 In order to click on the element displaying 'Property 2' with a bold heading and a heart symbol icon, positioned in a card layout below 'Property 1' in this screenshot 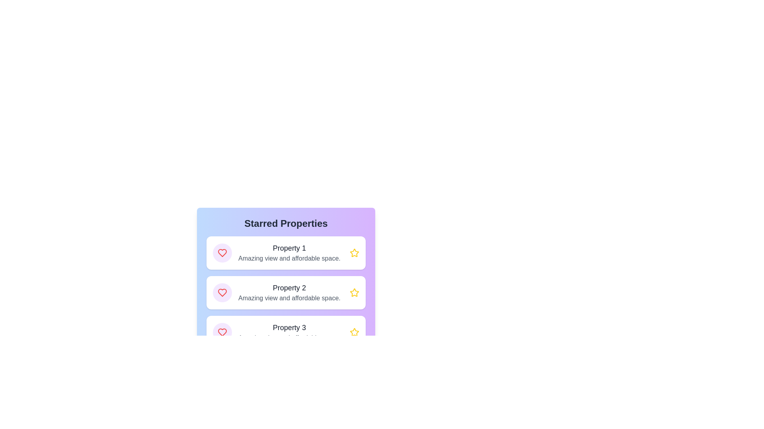, I will do `click(277, 292)`.